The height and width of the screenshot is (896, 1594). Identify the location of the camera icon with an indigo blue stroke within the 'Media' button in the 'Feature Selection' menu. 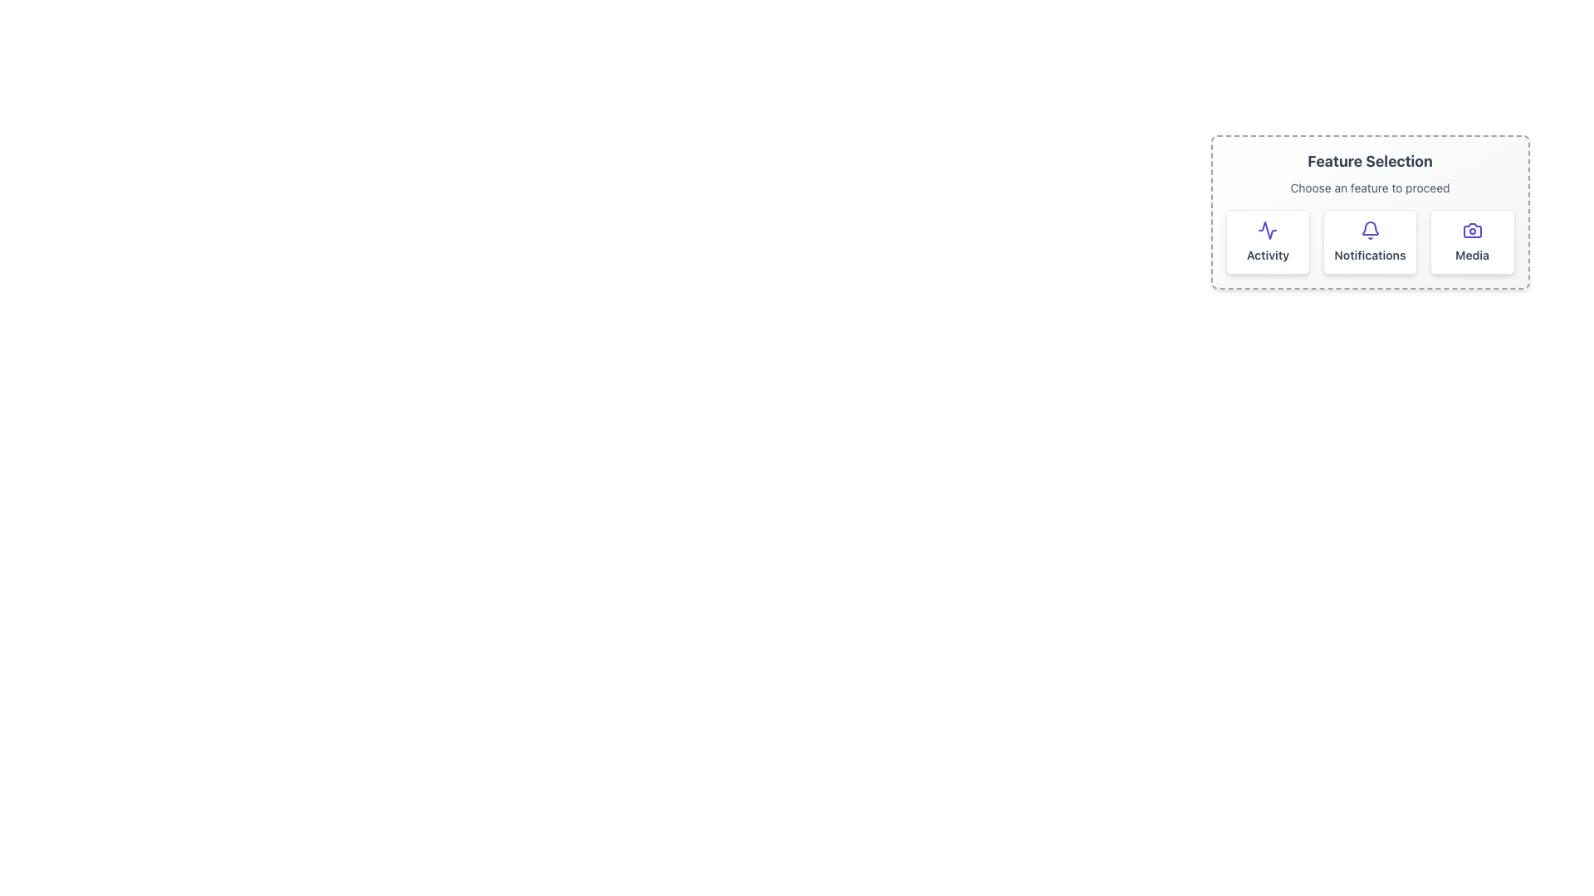
(1472, 230).